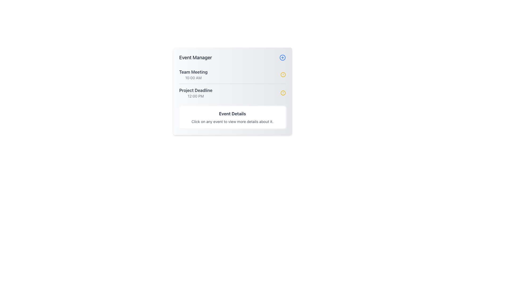  What do you see at coordinates (282, 57) in the screenshot?
I see `the circular graphical element styled with a thin stroke within the SVG icon of the 'Event Manager' card, located at the top-right corner of the card` at bounding box center [282, 57].